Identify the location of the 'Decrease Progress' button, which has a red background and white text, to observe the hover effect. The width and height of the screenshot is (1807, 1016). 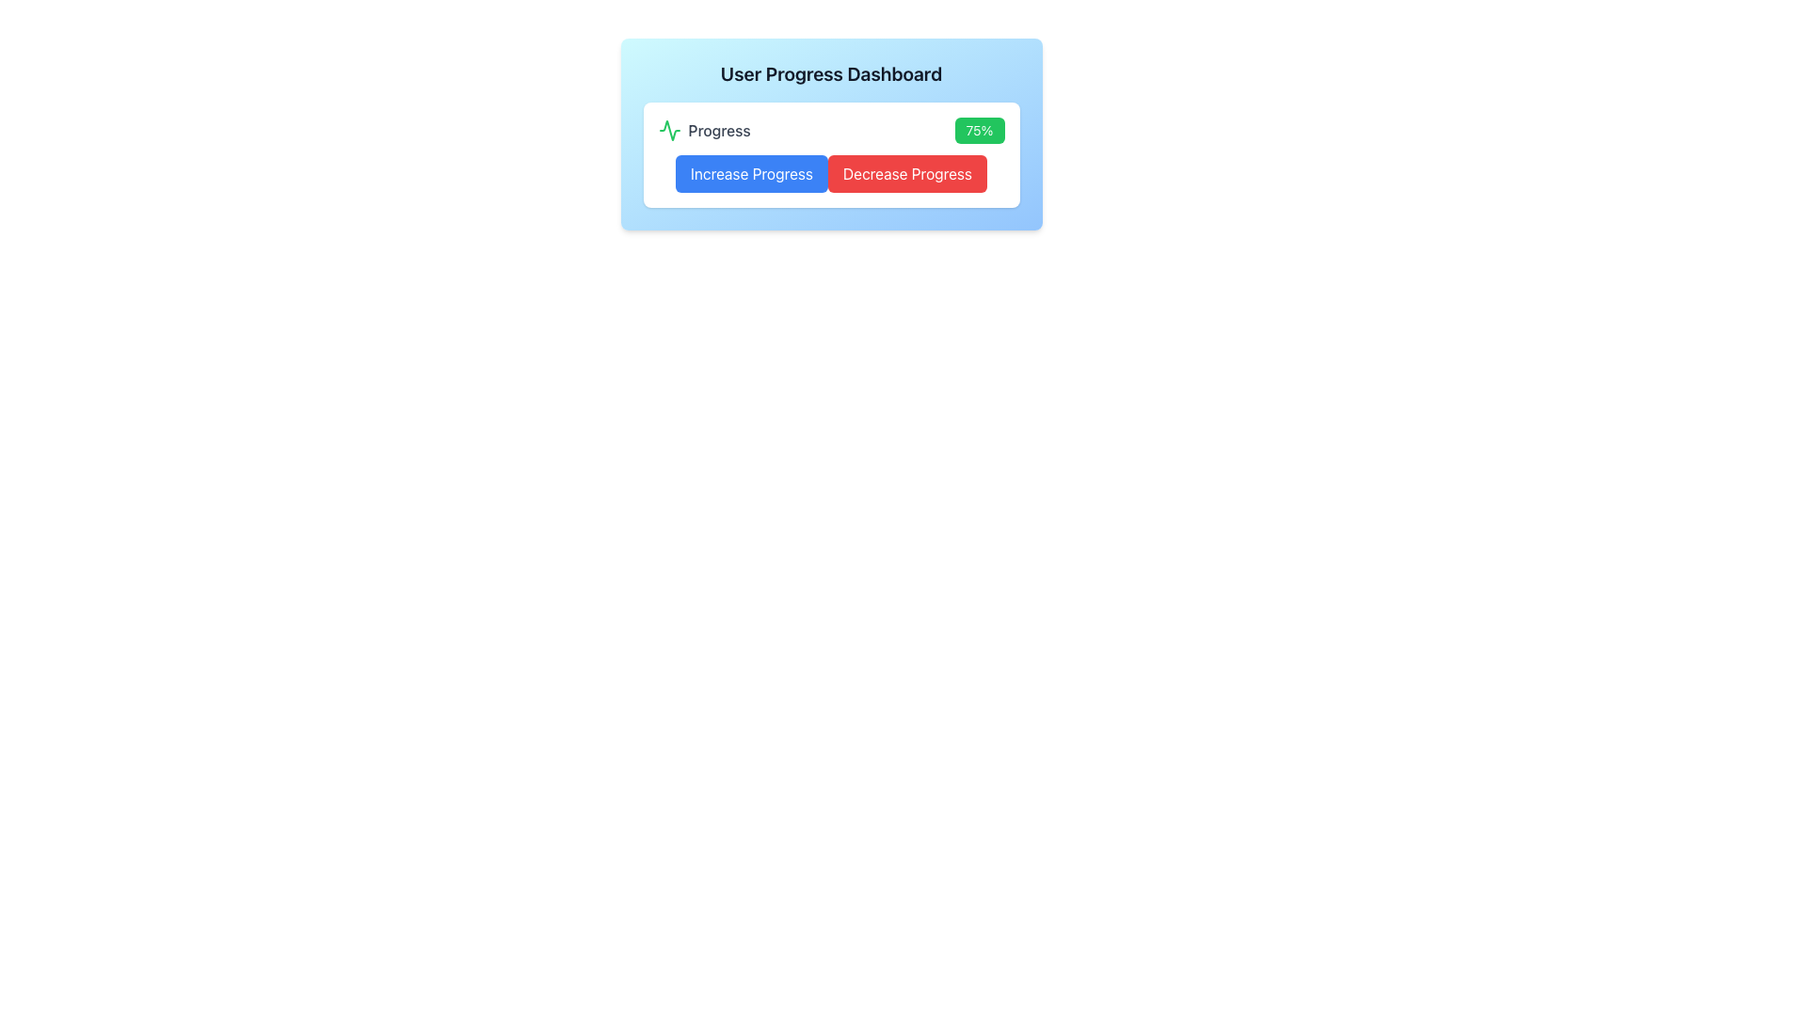
(907, 174).